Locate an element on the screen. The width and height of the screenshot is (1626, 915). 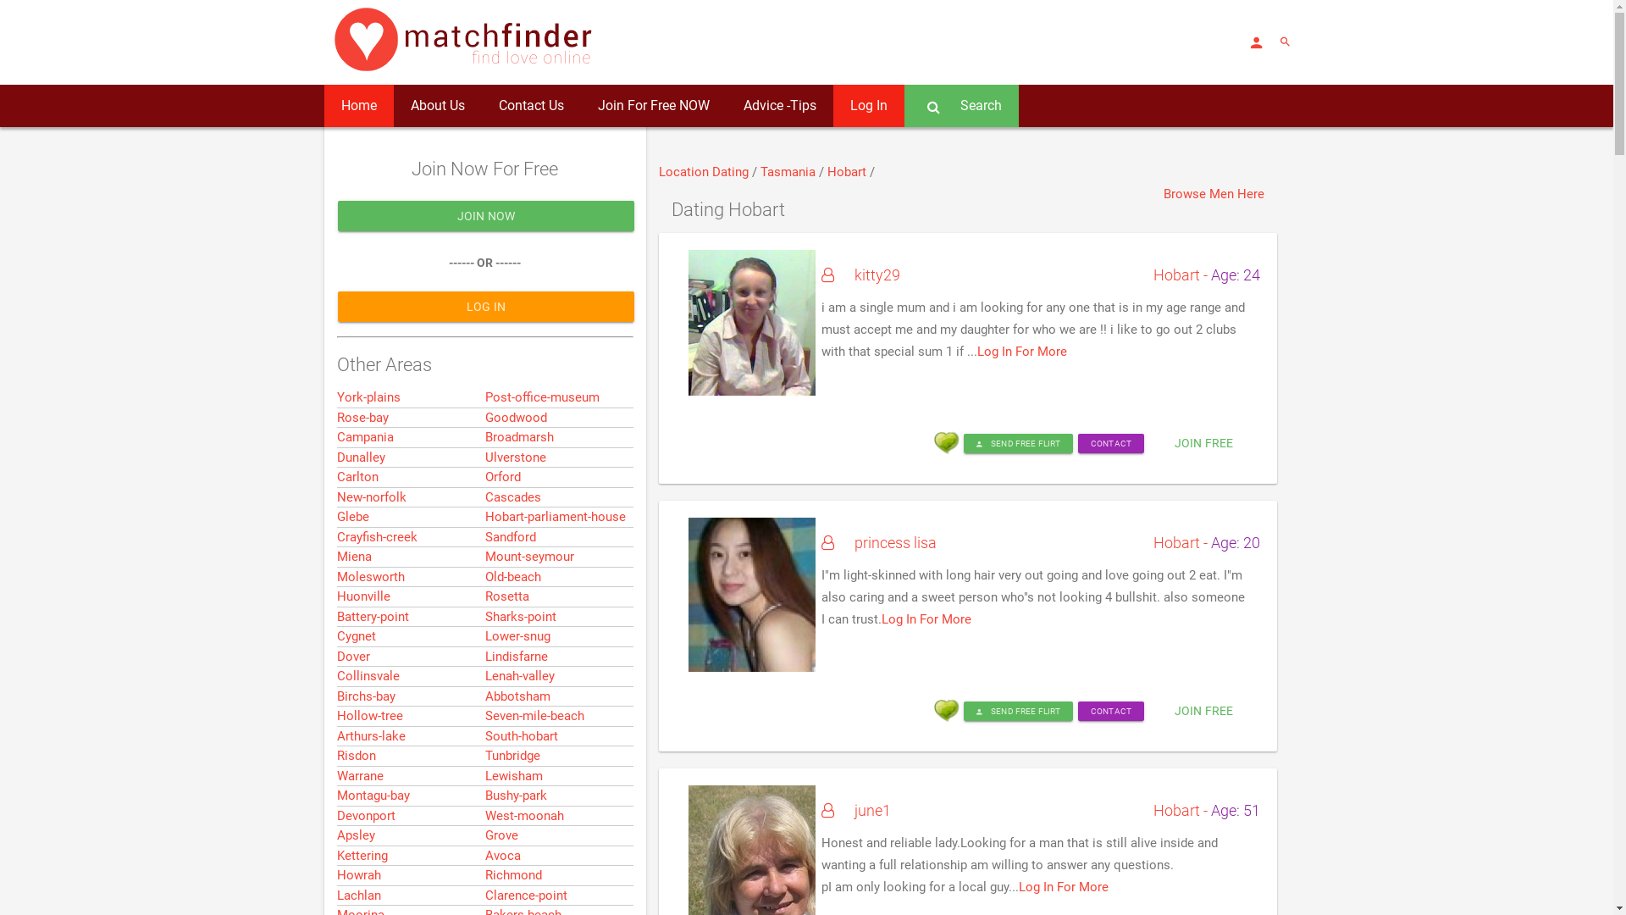
'Lindisfarne' is located at coordinates (515, 656).